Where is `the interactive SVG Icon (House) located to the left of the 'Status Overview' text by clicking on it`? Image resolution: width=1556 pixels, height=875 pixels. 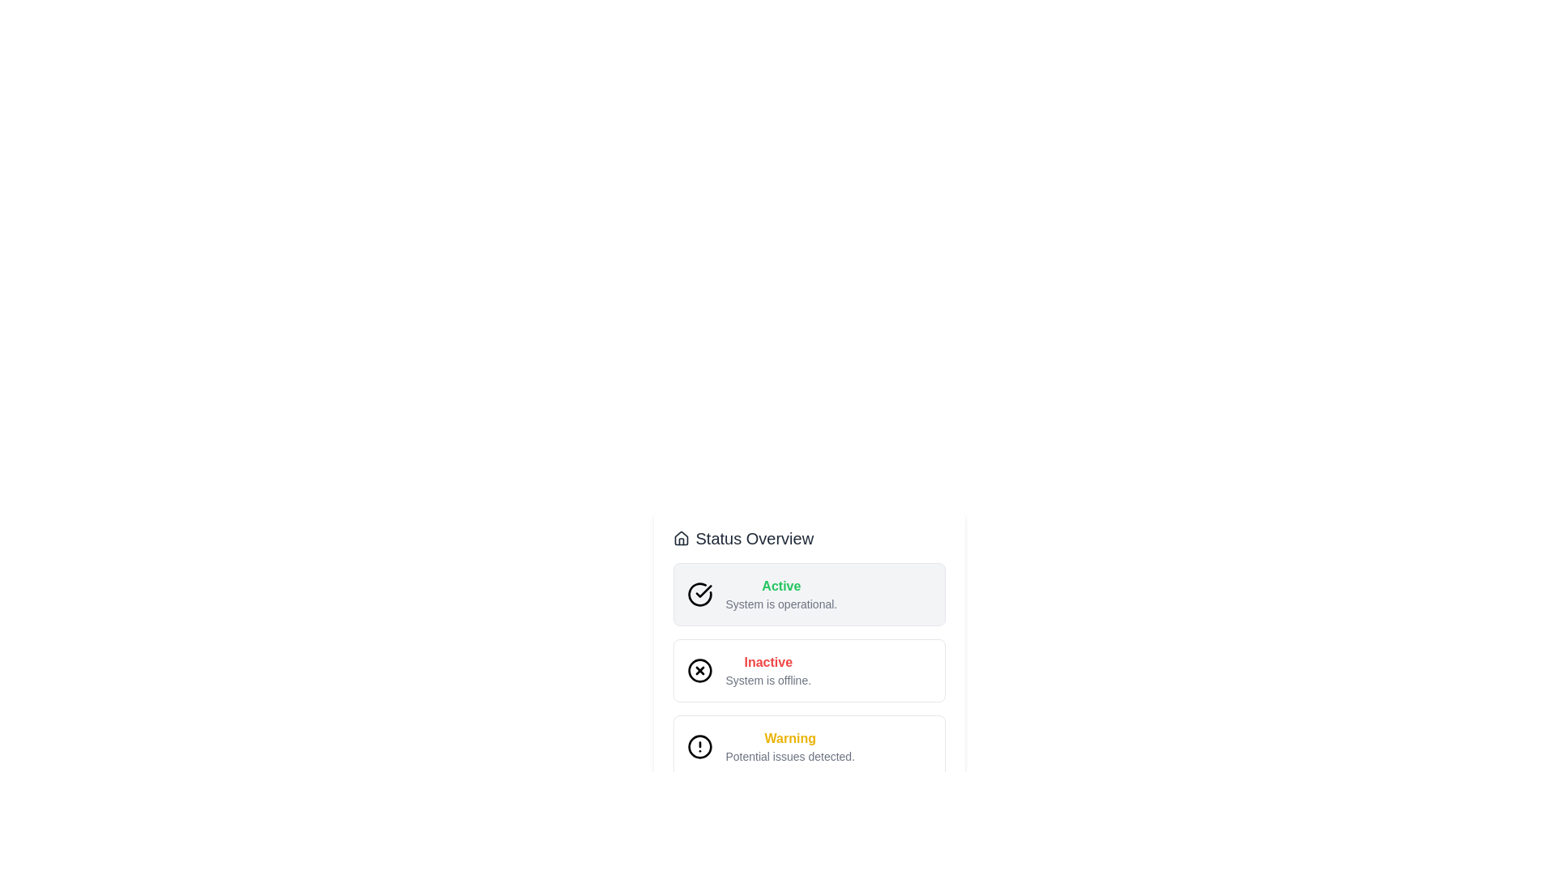
the interactive SVG Icon (House) located to the left of the 'Status Overview' text by clicking on it is located at coordinates (681, 538).